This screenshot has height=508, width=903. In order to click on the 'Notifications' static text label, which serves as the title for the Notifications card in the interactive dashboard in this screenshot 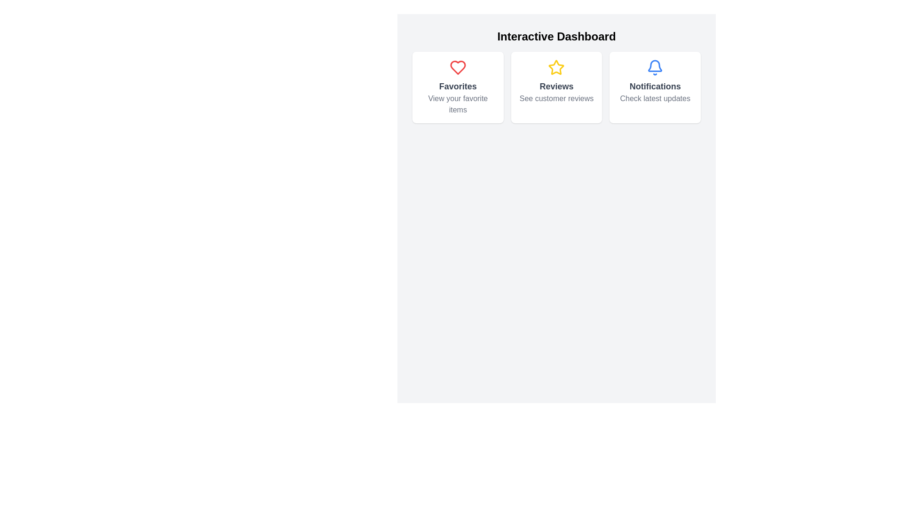, I will do `click(655, 87)`.